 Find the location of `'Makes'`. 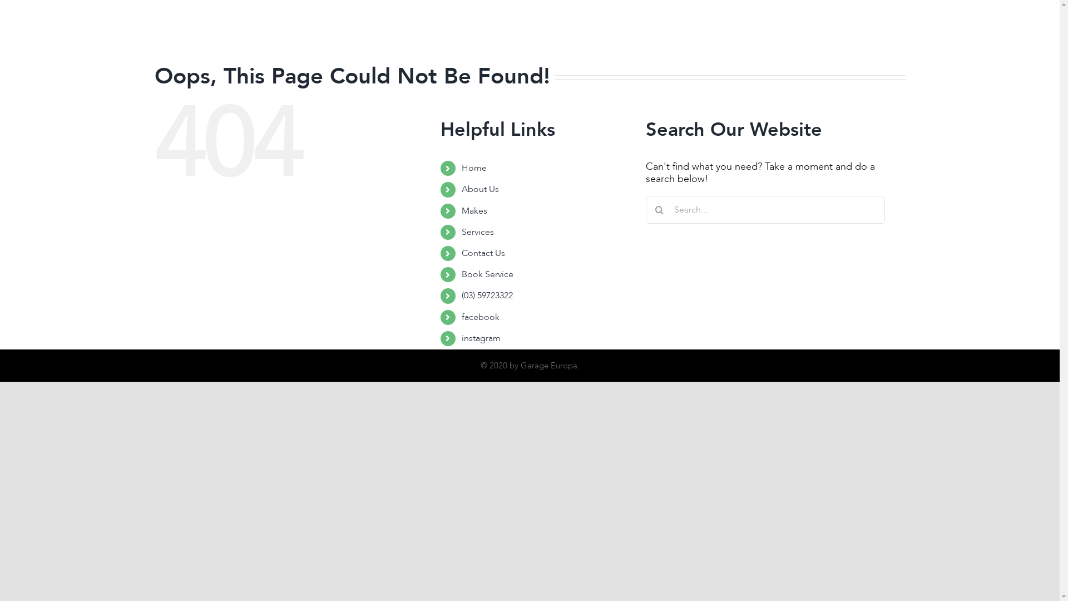

'Makes' is located at coordinates (541, 28).